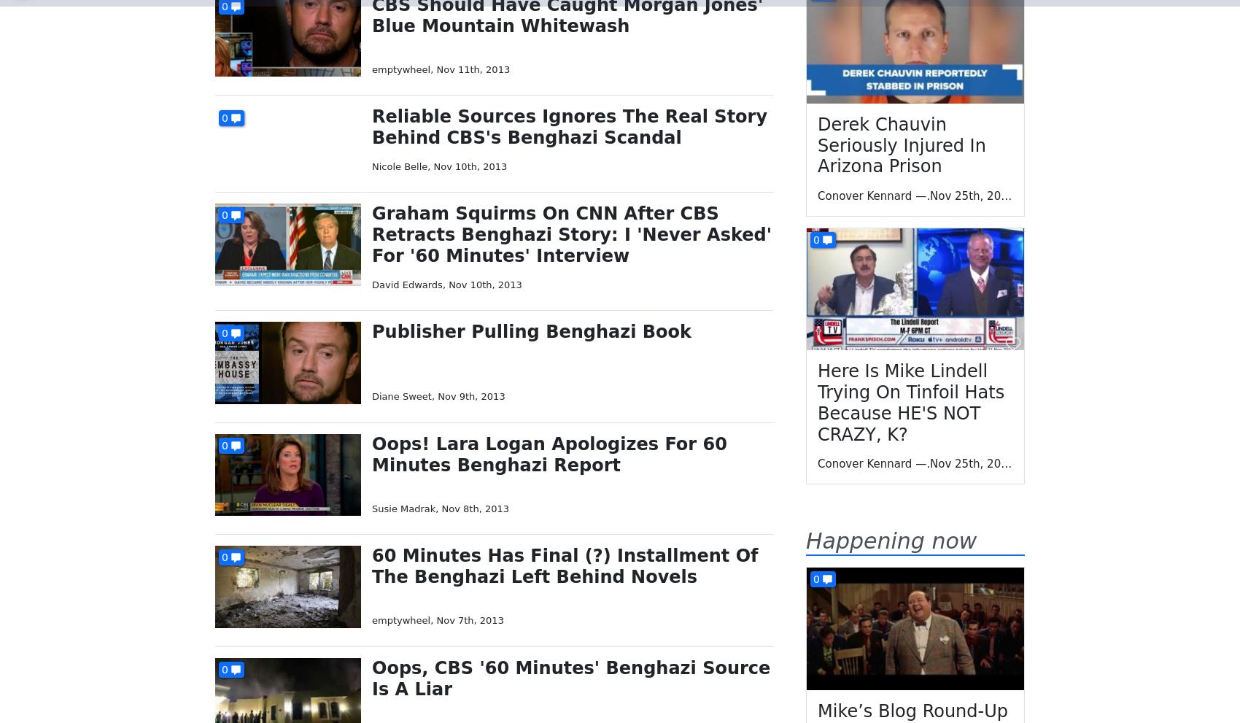 This screenshot has height=723, width=1240. What do you see at coordinates (475, 508) in the screenshot?
I see `'Nov 8th, 2013'` at bounding box center [475, 508].